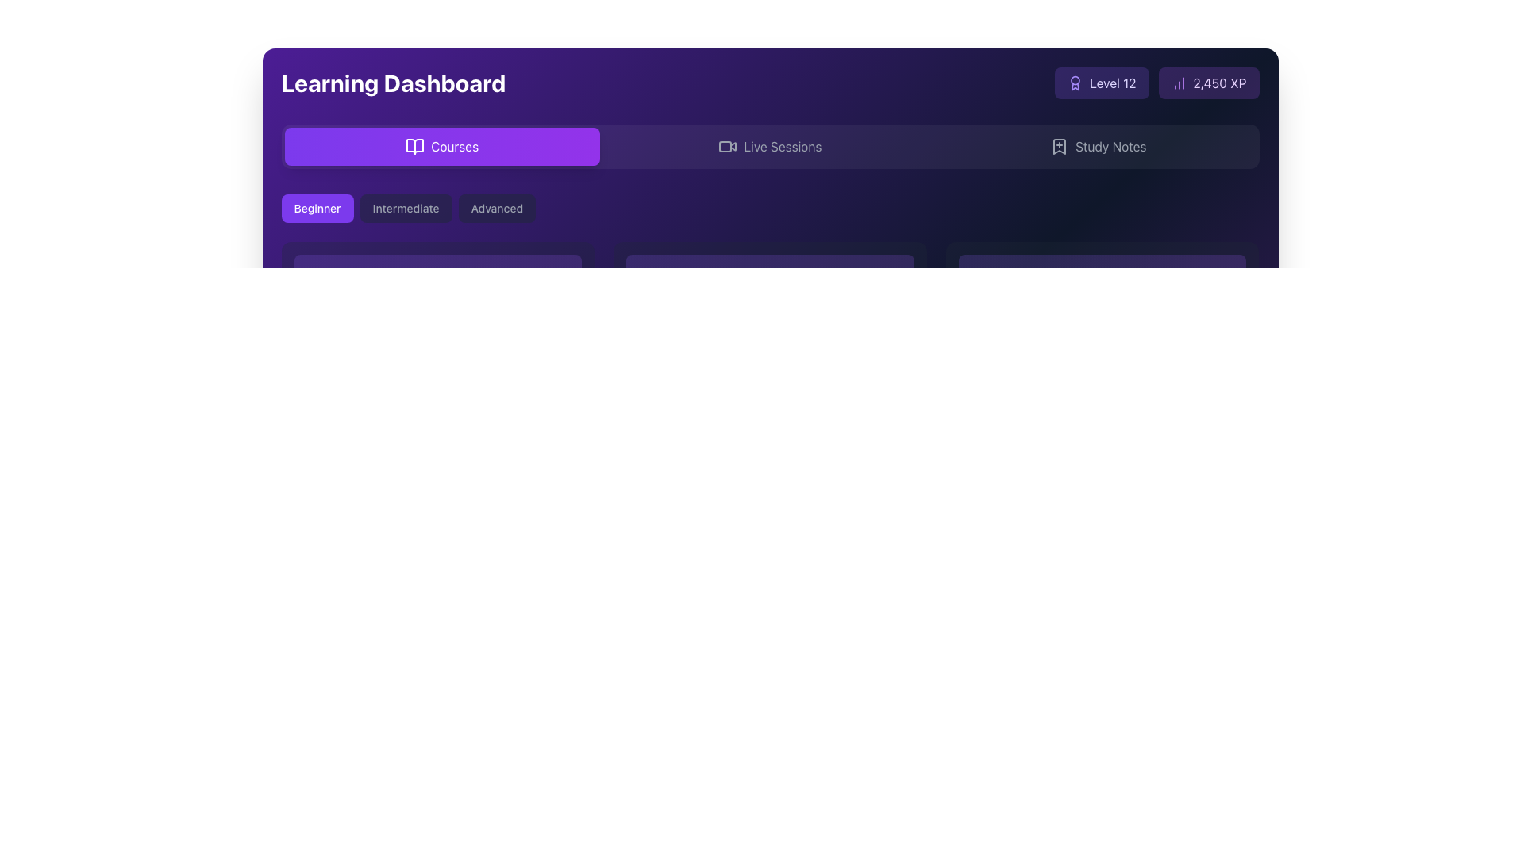  What do you see at coordinates (406, 207) in the screenshot?
I see `the 'Intermediate' difficulty selection button located between the 'Beginner' and 'Advanced' buttons beneath the 'Learning Dashboard' header to observe a change in text styling` at bounding box center [406, 207].